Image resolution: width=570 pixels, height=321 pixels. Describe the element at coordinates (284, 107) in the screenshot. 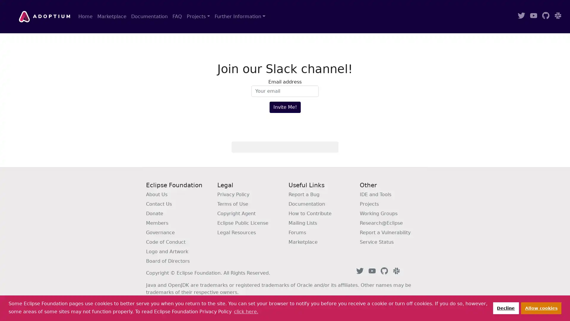

I see `Invite Me!` at that location.